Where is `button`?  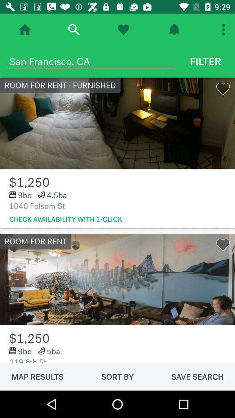
button is located at coordinates (123, 30).